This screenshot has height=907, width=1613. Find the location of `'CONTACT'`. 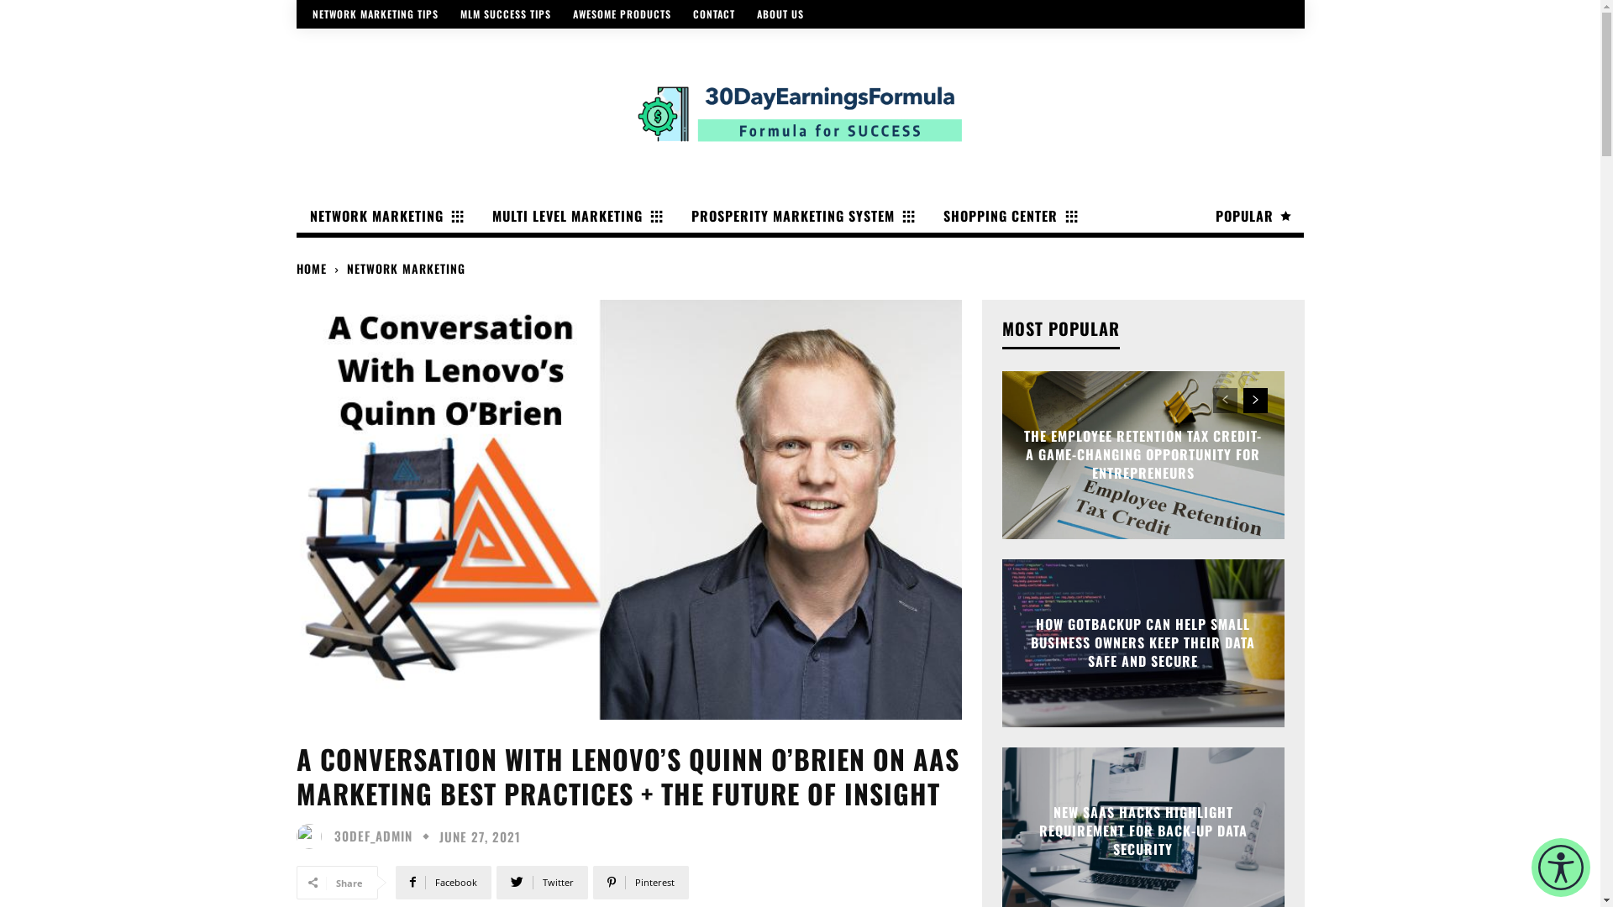

'CONTACT' is located at coordinates (713, 13).